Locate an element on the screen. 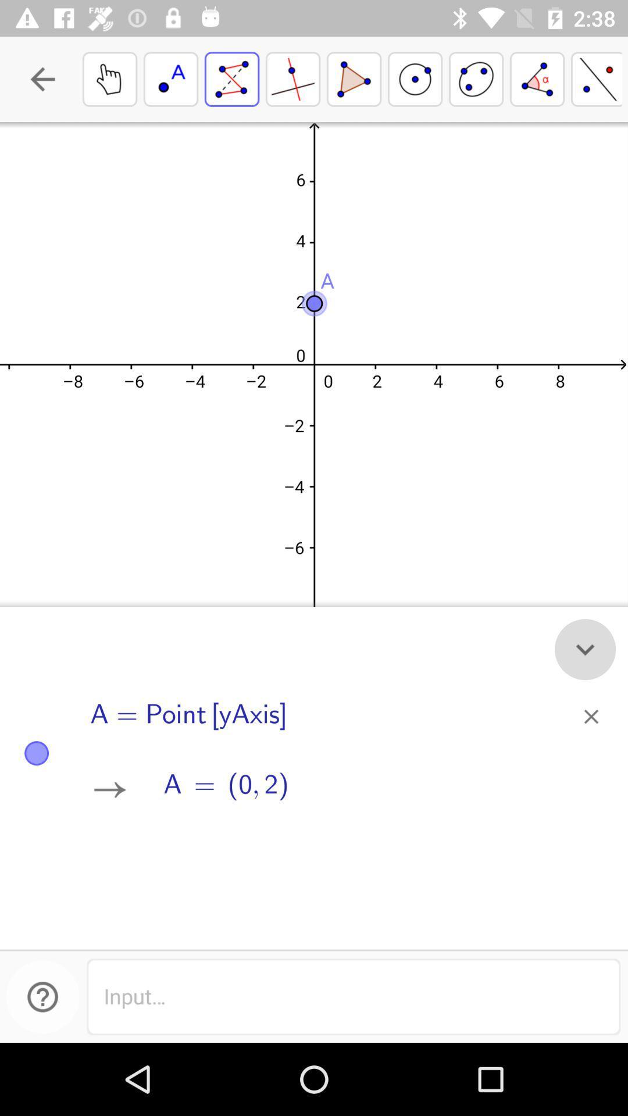 This screenshot has width=628, height=1116. the help icon is located at coordinates (42, 996).